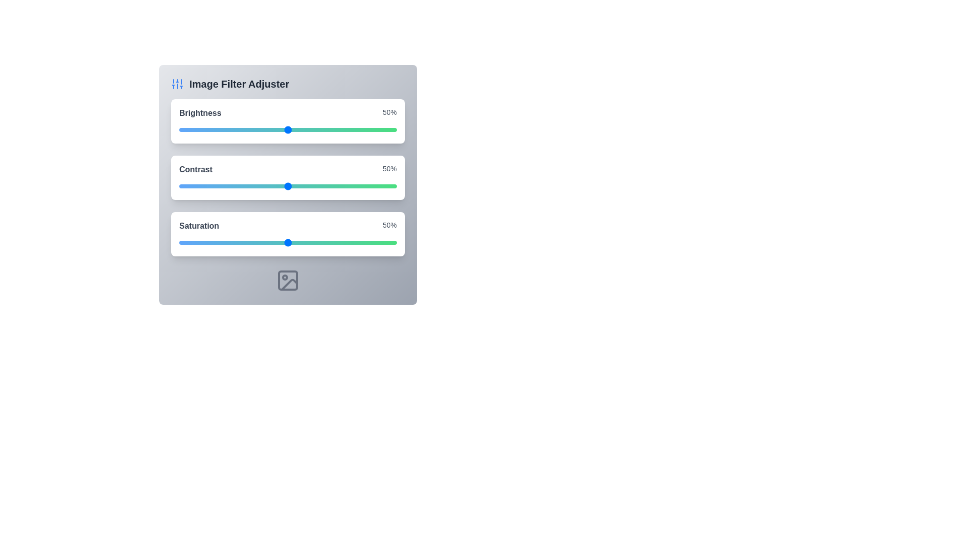  I want to click on the brightness slider to 27%, so click(237, 129).